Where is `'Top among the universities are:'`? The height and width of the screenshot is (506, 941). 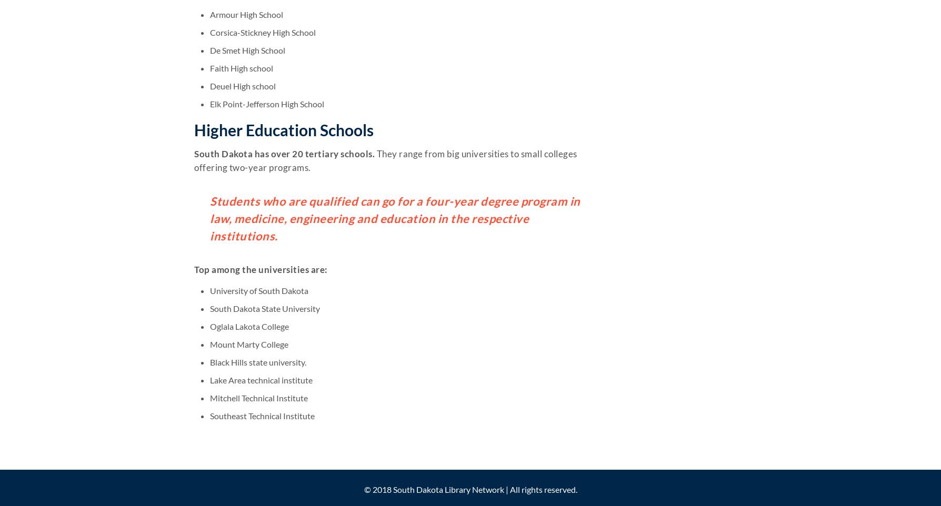
'Top among the universities are:' is located at coordinates (194, 269).